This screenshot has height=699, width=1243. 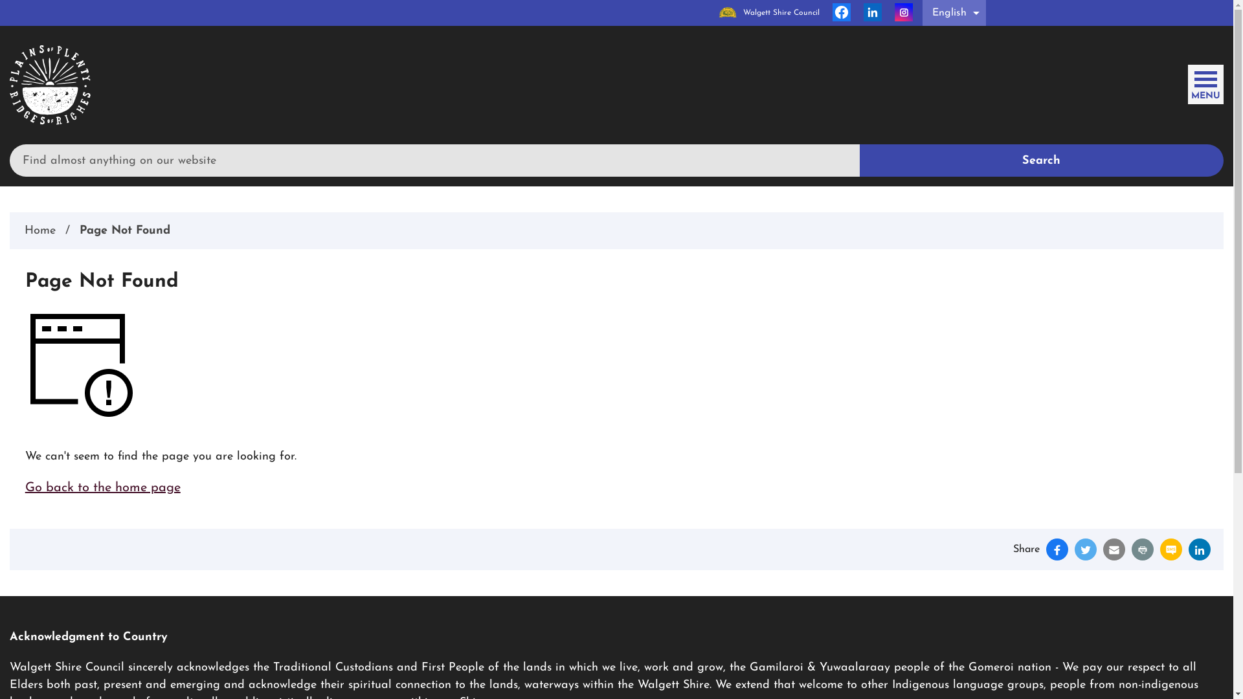 I want to click on 'Print', so click(x=1143, y=549).